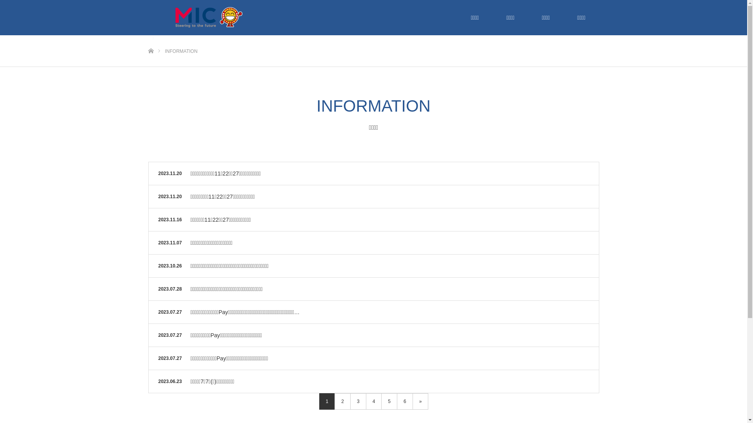  What do you see at coordinates (358, 401) in the screenshot?
I see `'3'` at bounding box center [358, 401].